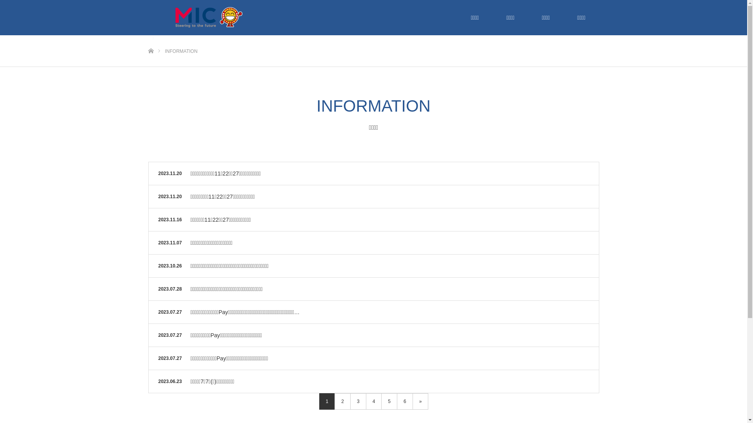  What do you see at coordinates (358, 401) in the screenshot?
I see `'3'` at bounding box center [358, 401].